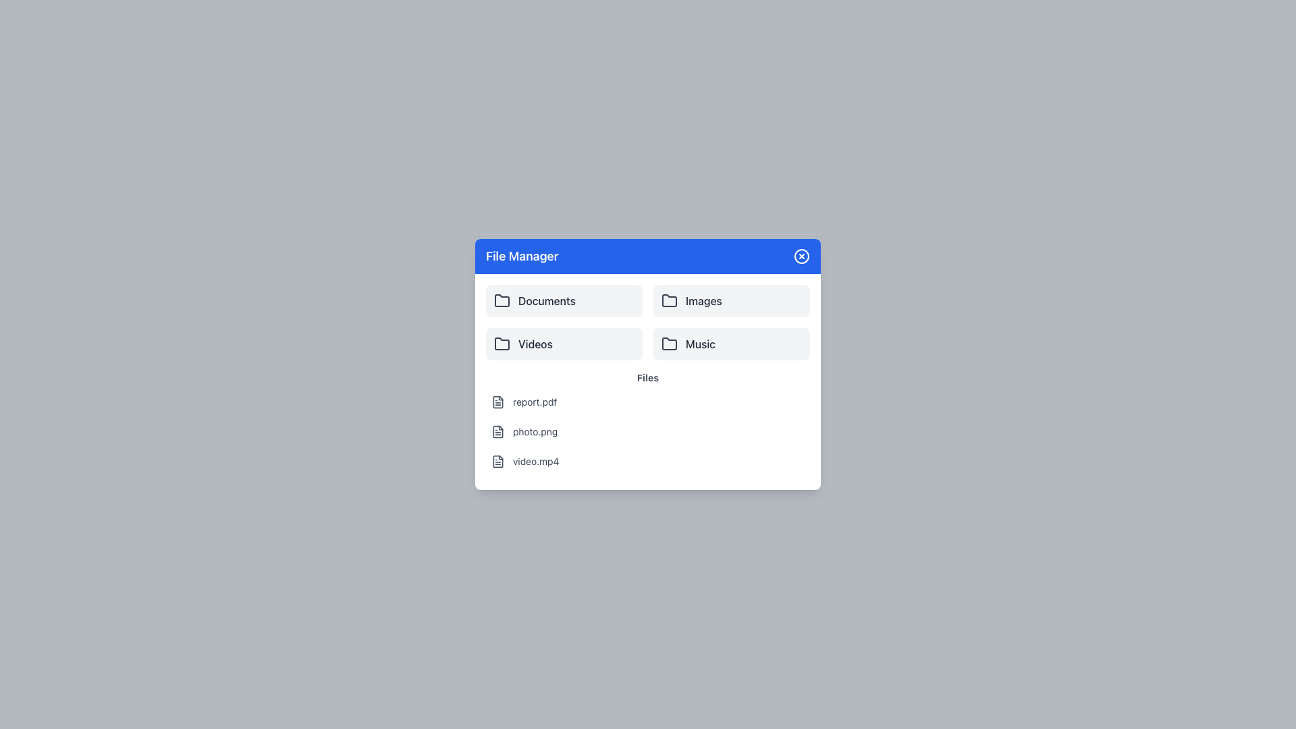 Image resolution: width=1296 pixels, height=729 pixels. Describe the element at coordinates (535, 343) in the screenshot. I see `the 'Videos' text label, which is styled in gray and is part of the interactive folder button array, specifically the third folder in the first row` at that location.